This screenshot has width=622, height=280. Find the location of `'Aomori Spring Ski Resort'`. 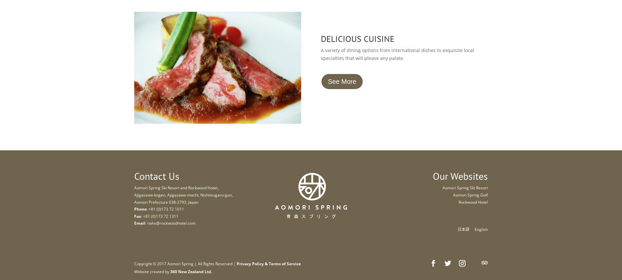

'Aomori Spring Ski Resort' is located at coordinates (465, 187).